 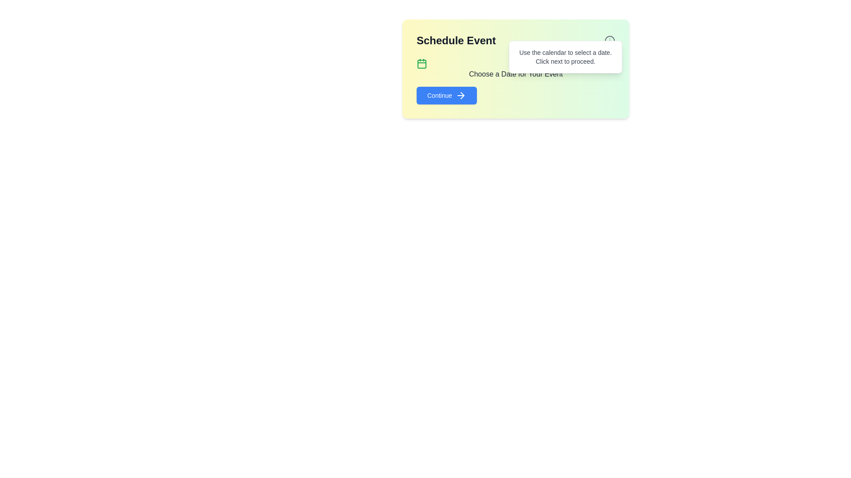 What do you see at coordinates (515, 74) in the screenshot?
I see `the title or instruction text that prompts the user to select a date for their event, located below a tip text and to the right of a calendar icon` at bounding box center [515, 74].